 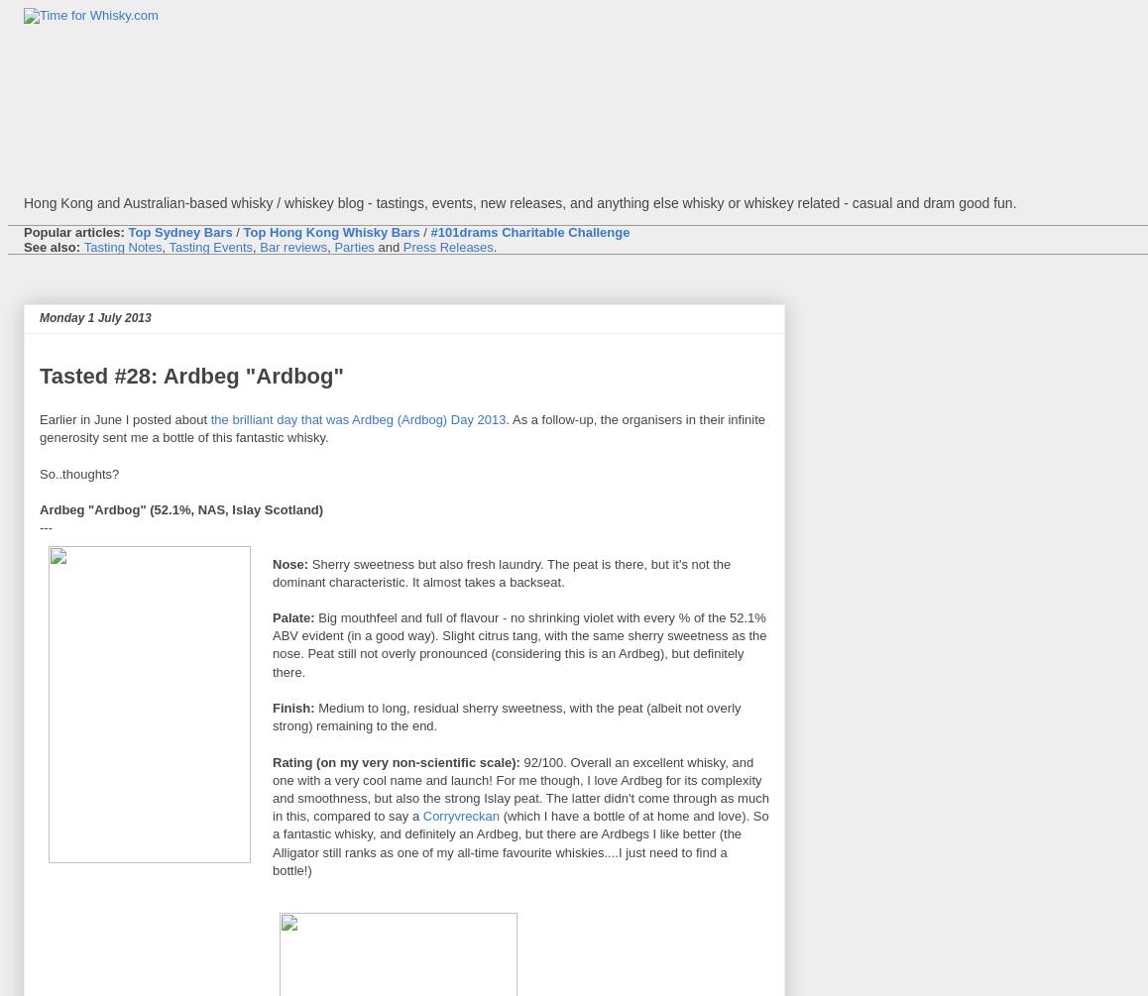 What do you see at coordinates (356, 419) in the screenshot?
I see `'the brilliant day that was Ardbeg (Ardbog) Day 2013'` at bounding box center [356, 419].